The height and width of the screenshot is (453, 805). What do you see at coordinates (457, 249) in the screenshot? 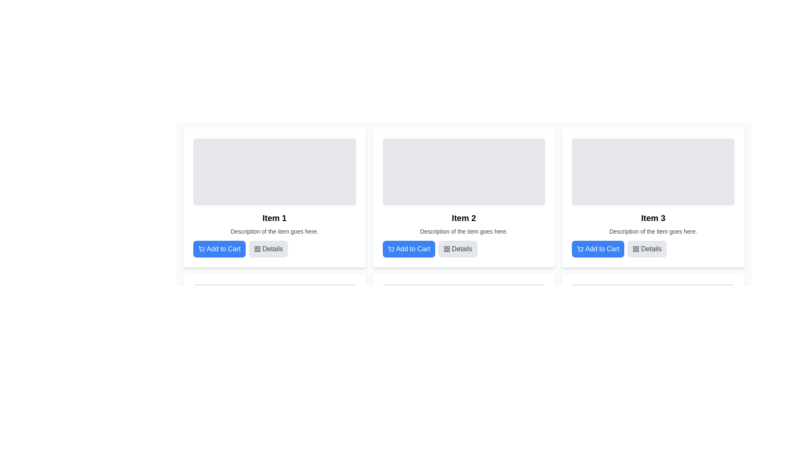
I see `the button that allows users` at bounding box center [457, 249].